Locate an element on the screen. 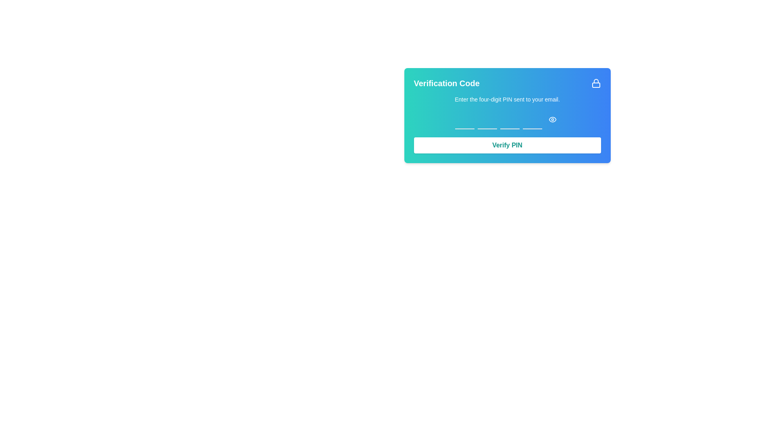 The image size is (774, 435). the curve element of the padlock icon, which visually represents the arch of the padlock, located above the rectangle body of the lock is located at coordinates (596, 81).